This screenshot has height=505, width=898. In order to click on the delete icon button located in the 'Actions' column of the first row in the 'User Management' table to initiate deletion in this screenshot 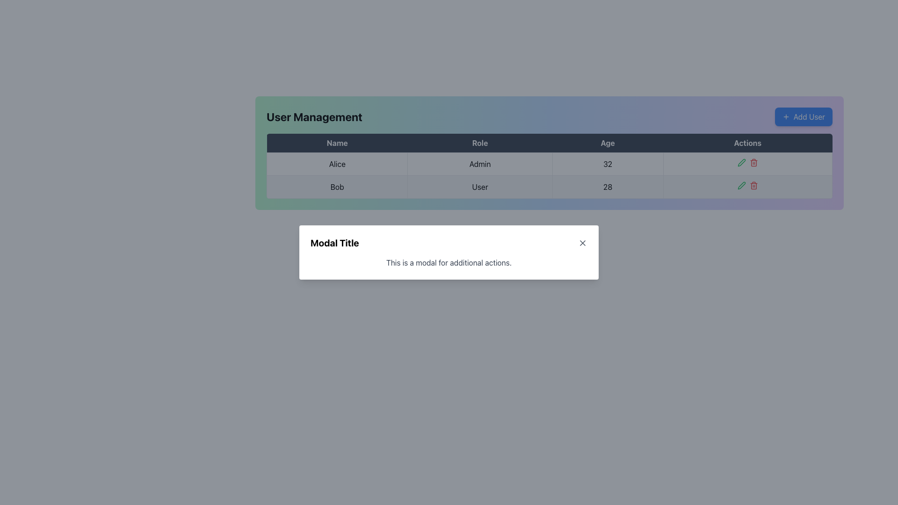, I will do `click(753, 162)`.